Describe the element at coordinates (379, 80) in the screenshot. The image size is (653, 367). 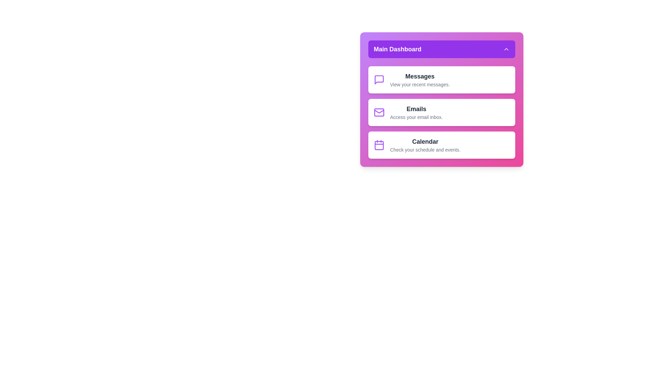
I see `the menu item icon for Messages` at that location.